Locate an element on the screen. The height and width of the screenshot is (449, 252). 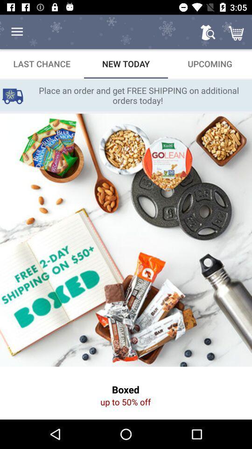
the symbol which is in the color of blue is located at coordinates (12, 95).